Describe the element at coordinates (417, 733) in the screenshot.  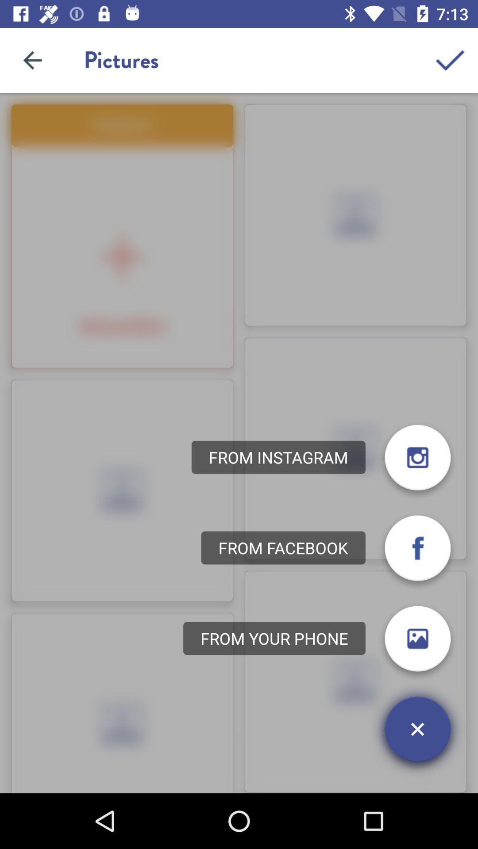
I see `the close icon` at that location.